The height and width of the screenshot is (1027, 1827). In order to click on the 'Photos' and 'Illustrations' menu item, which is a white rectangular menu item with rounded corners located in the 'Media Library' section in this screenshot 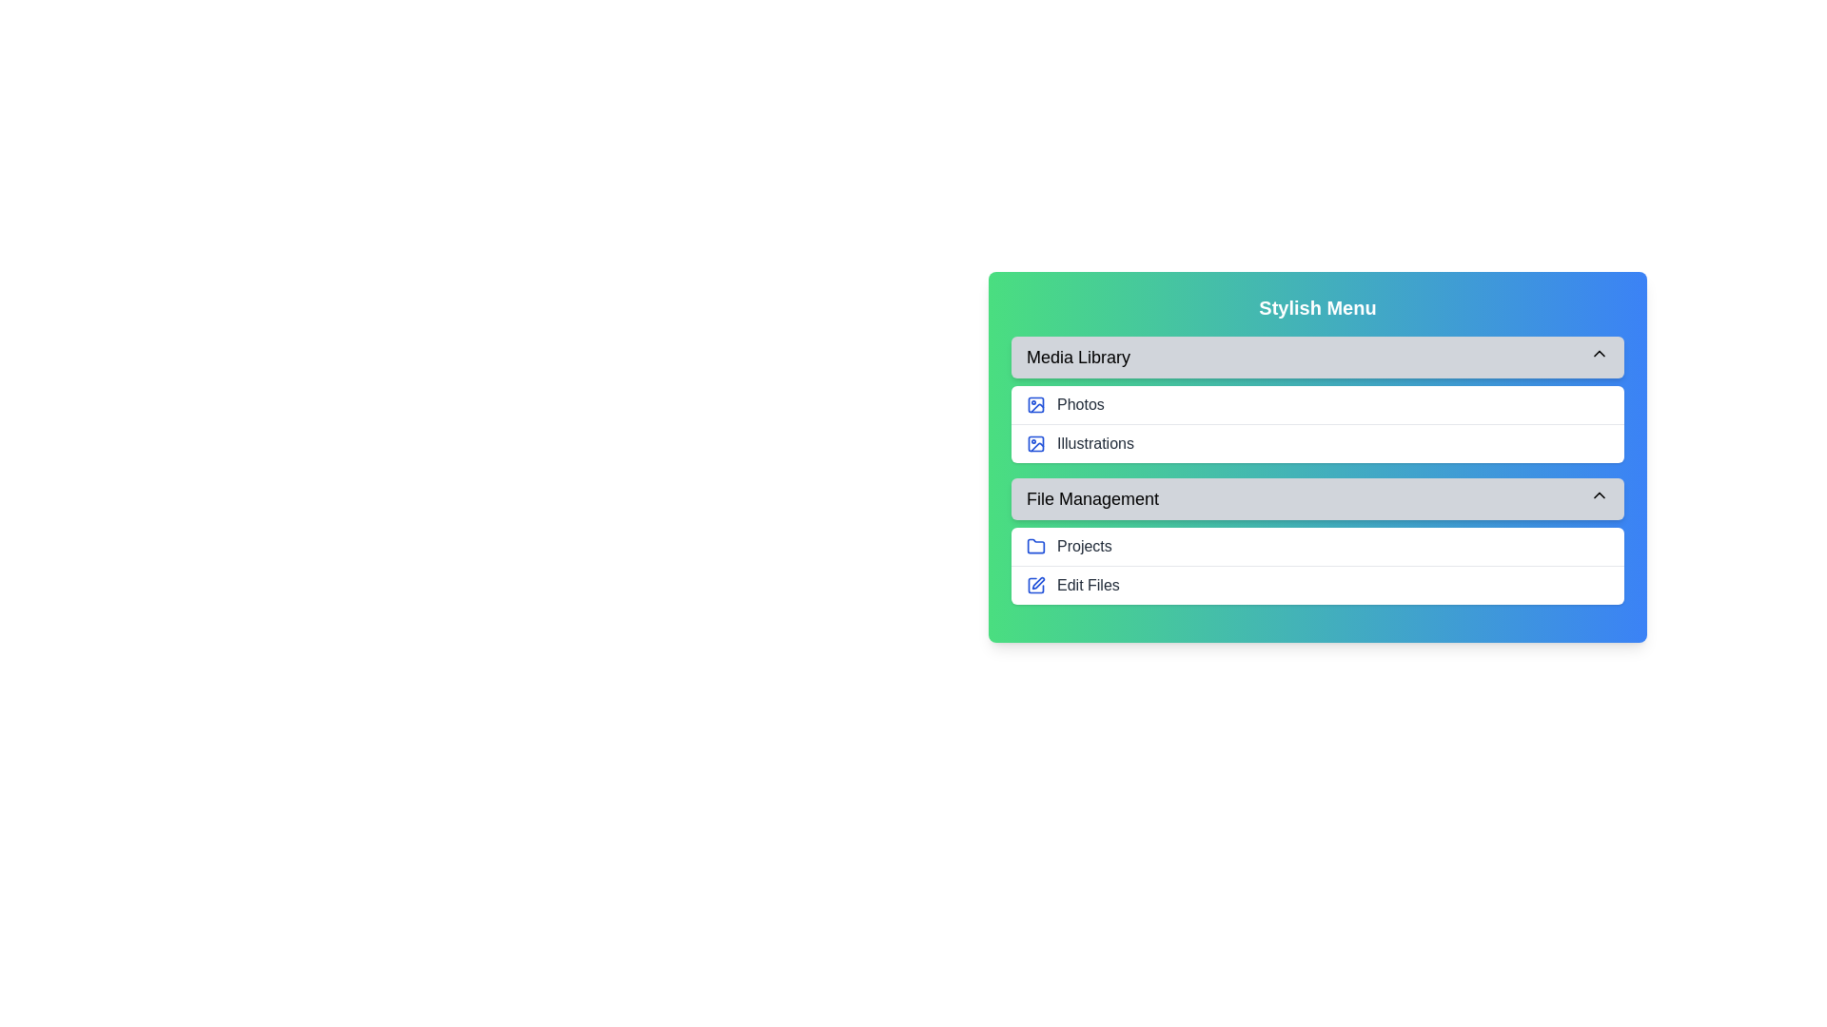, I will do `click(1317, 423)`.